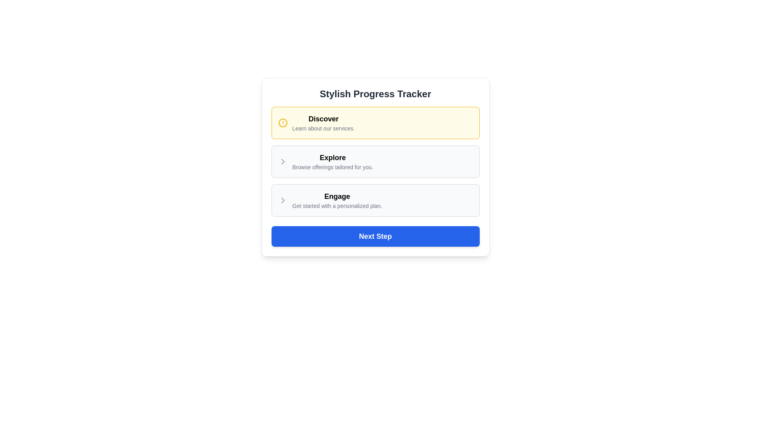  What do you see at coordinates (283, 123) in the screenshot?
I see `the non-interactive SVG circle component of the alert icon, which is located to the left of the 'Discover' label in the progress tracker card` at bounding box center [283, 123].